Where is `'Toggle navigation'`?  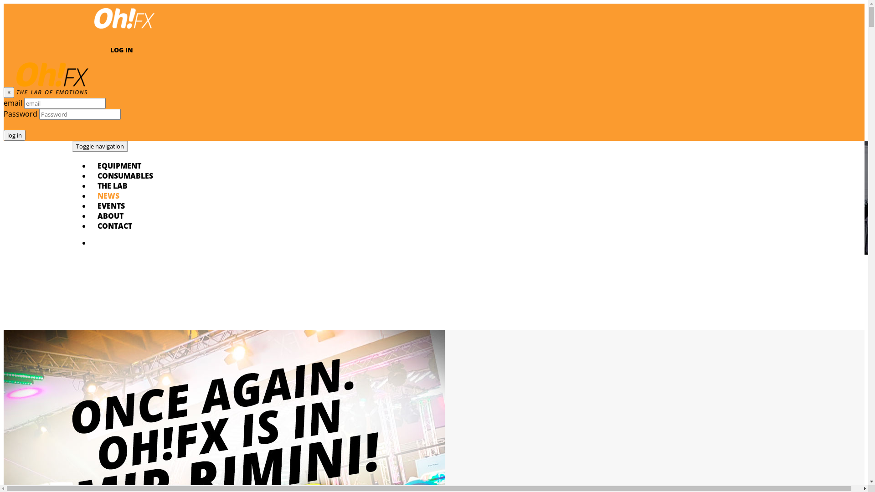
'Toggle navigation' is located at coordinates (100, 145).